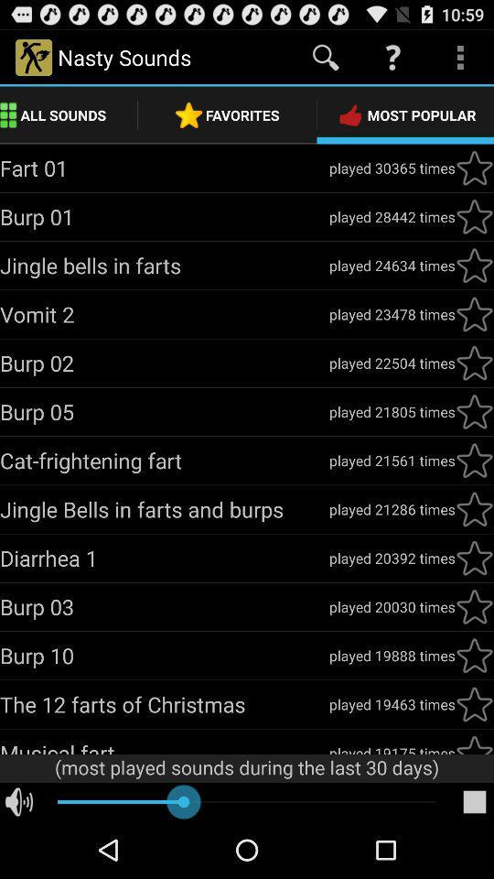 The image size is (494, 879). I want to click on favourite click, so click(474, 509).